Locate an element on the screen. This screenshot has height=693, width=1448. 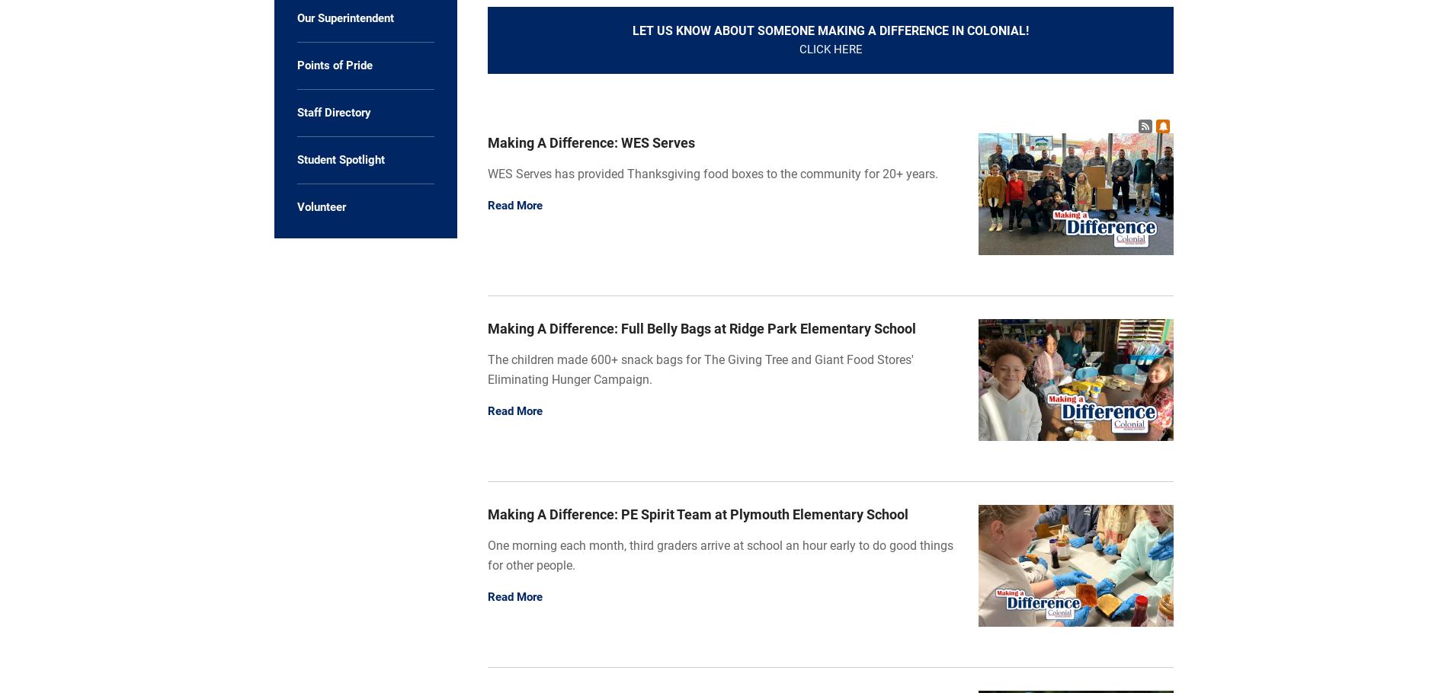
'Volunteer' is located at coordinates (296, 206).